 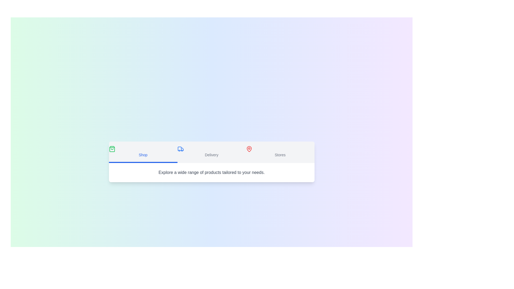 I want to click on the Delivery tab by clicking on its label, so click(x=211, y=152).